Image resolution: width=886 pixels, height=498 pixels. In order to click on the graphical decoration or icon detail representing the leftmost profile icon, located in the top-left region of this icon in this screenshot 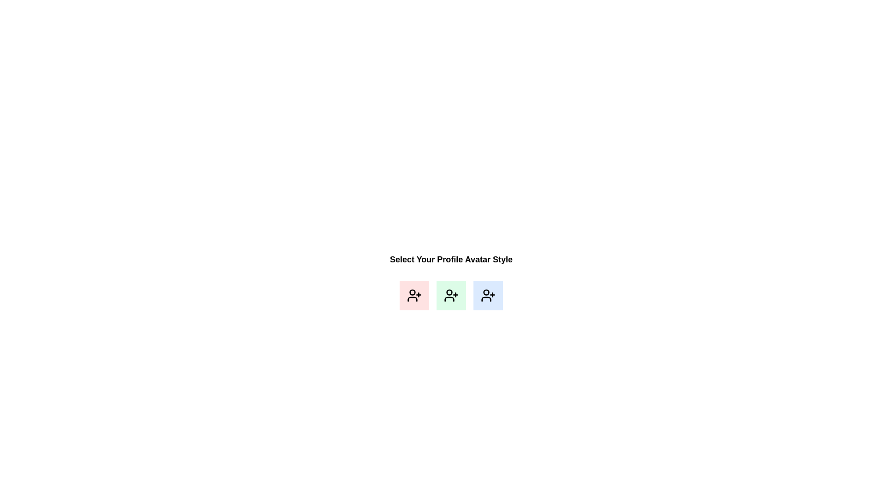, I will do `click(412, 292)`.